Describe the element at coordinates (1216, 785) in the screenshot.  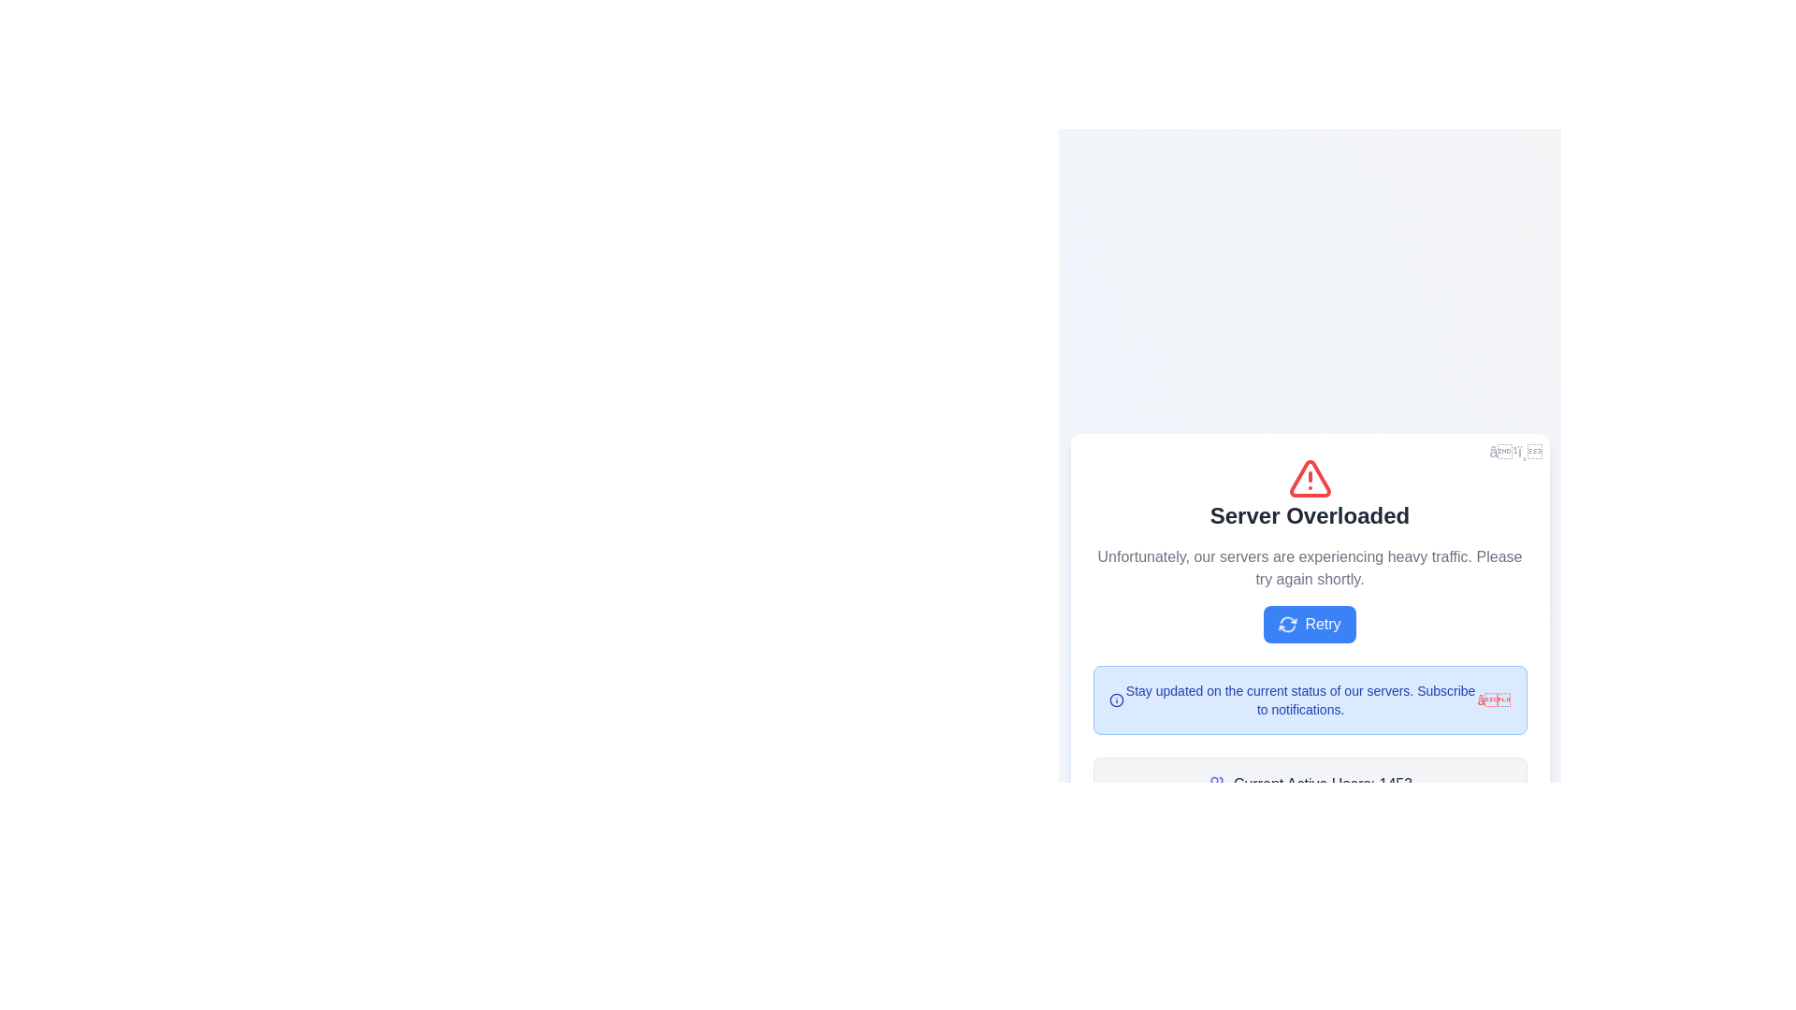
I see `the user group icon styled with blue-indigo color, located to the left of the text 'Current Active Users: 1453'` at that location.